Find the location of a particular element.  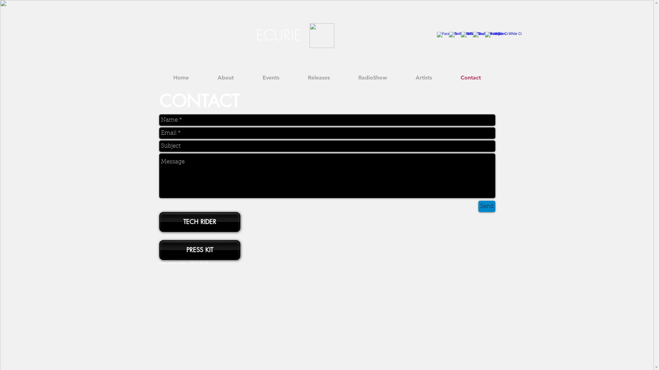

'Send' is located at coordinates (478, 206).